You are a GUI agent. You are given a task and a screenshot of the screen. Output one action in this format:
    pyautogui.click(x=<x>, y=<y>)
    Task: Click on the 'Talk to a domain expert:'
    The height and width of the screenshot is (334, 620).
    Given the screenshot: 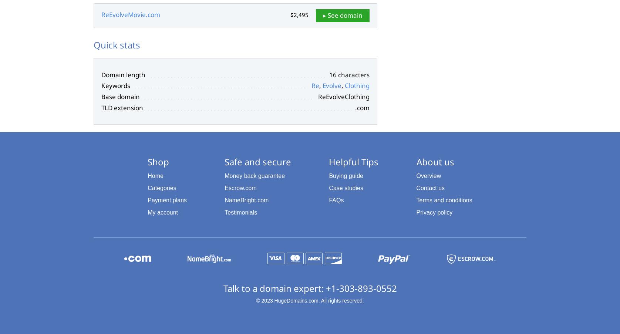 What is the action you would take?
    pyautogui.click(x=223, y=288)
    